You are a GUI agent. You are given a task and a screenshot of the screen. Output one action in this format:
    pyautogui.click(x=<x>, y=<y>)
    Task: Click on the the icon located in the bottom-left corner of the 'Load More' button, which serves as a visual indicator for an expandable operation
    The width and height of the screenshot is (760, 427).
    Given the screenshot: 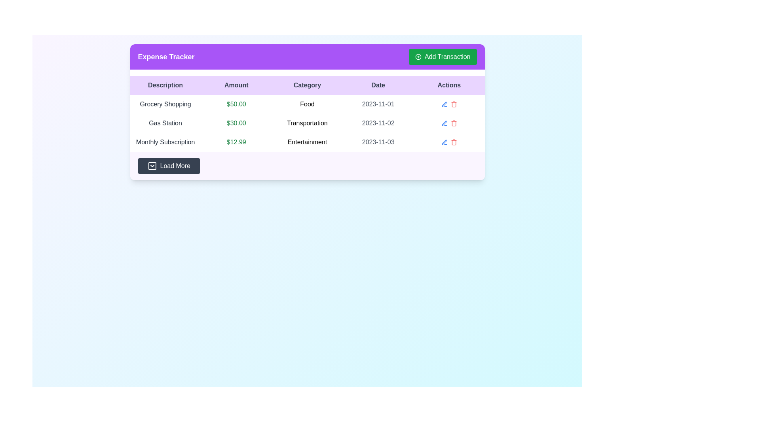 What is the action you would take?
    pyautogui.click(x=152, y=166)
    